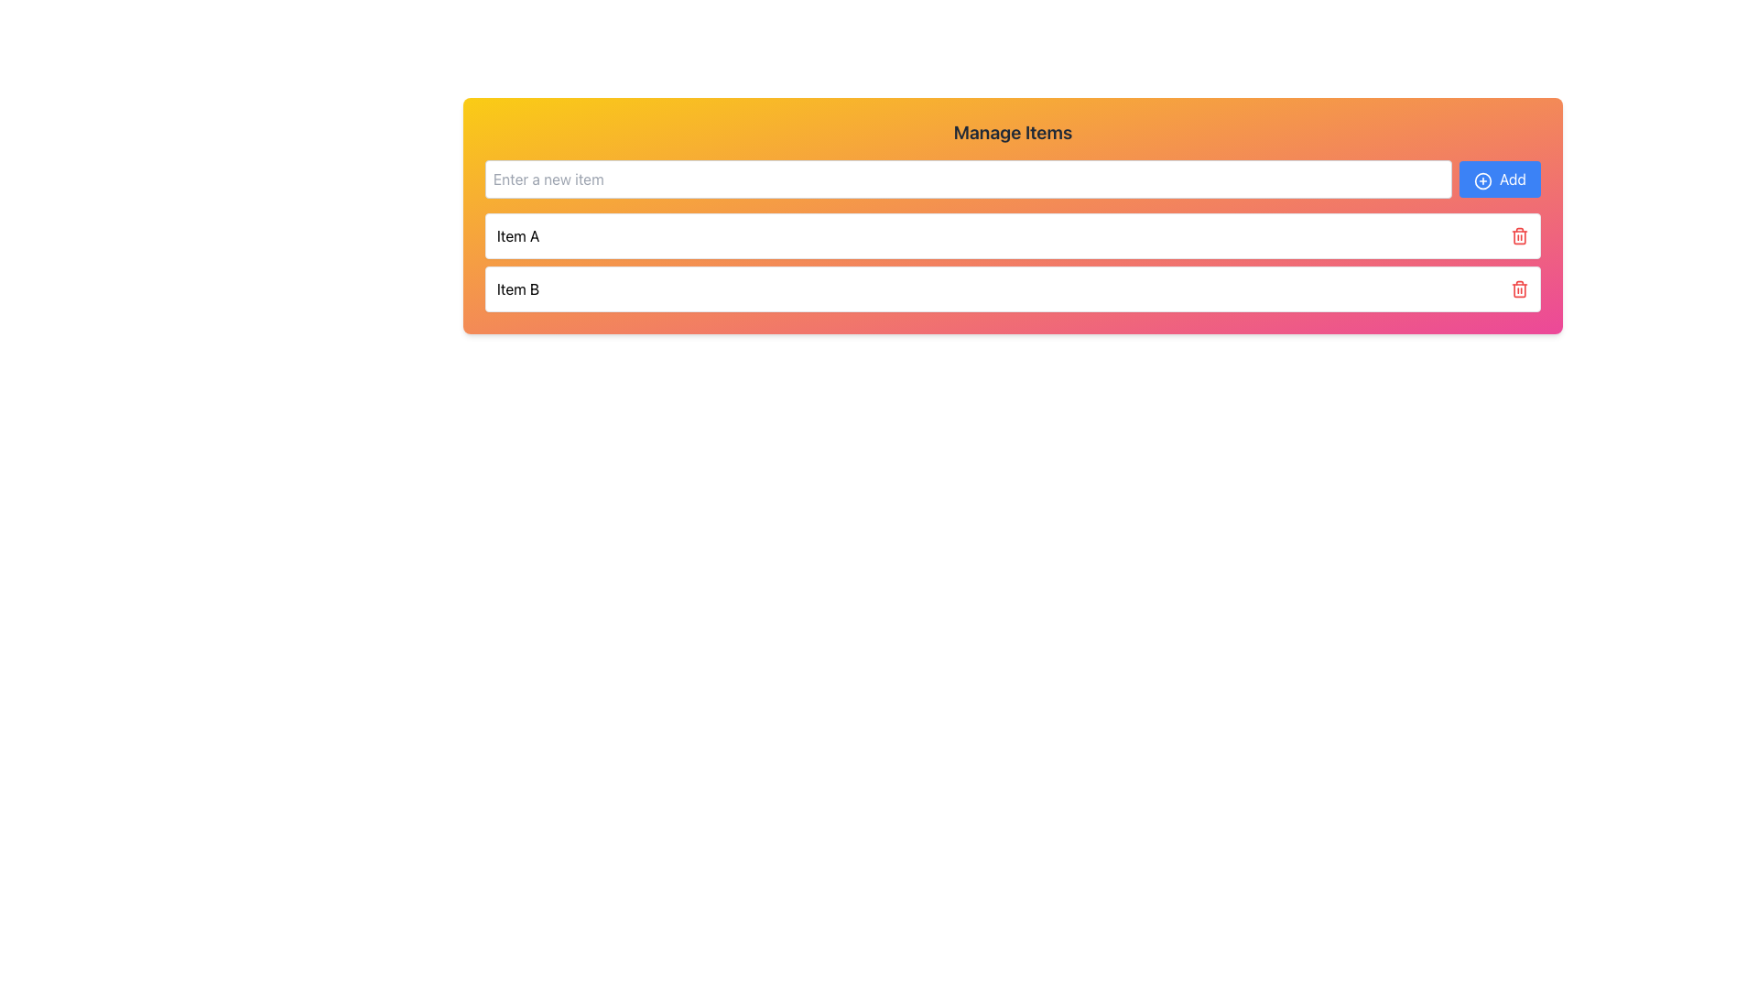 The image size is (1758, 989). I want to click on the list item labeled 'Item A', which is the first item in the list, so click(1012, 235).